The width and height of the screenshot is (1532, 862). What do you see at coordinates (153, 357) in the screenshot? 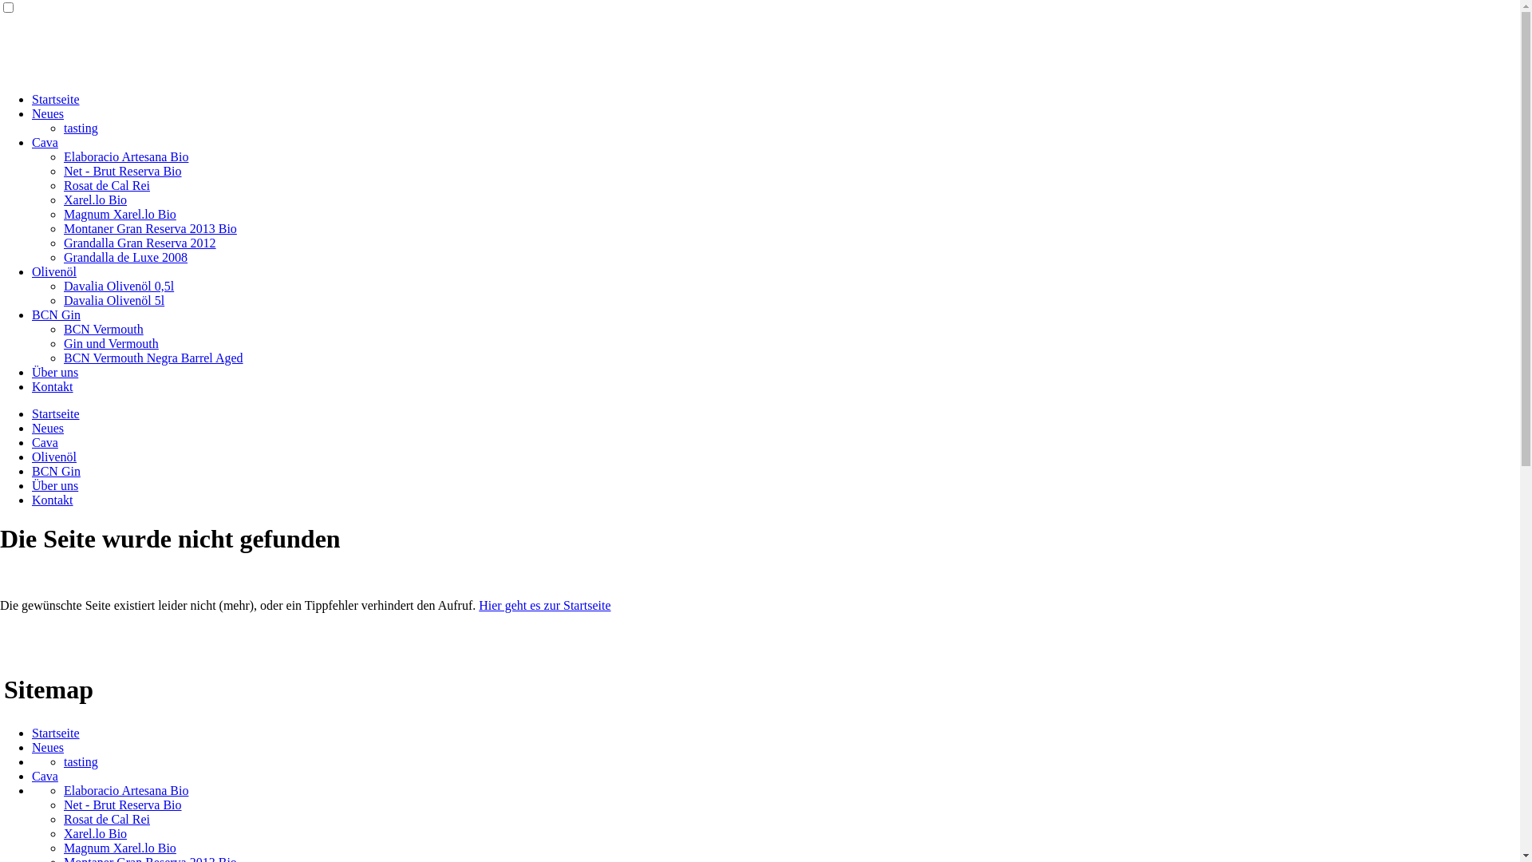
I see `'BCN Vermouth Negra Barrel Aged'` at bounding box center [153, 357].